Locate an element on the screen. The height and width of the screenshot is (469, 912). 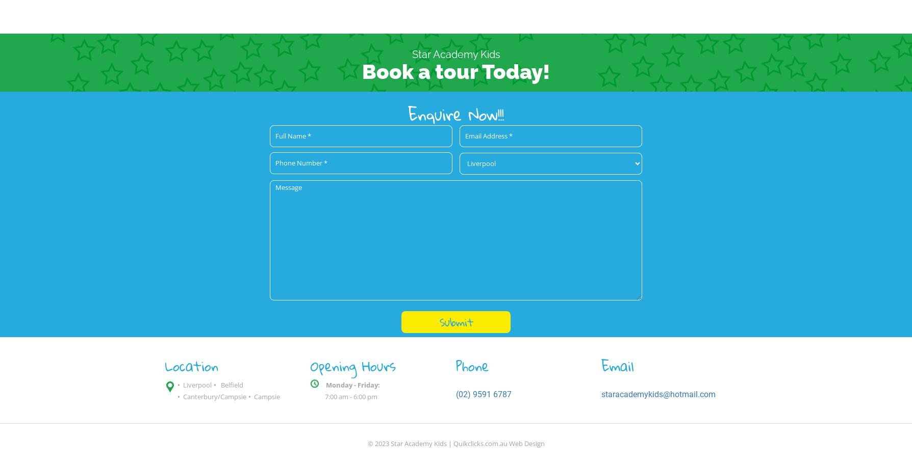
'(02) 9591 6787' is located at coordinates (456, 393).